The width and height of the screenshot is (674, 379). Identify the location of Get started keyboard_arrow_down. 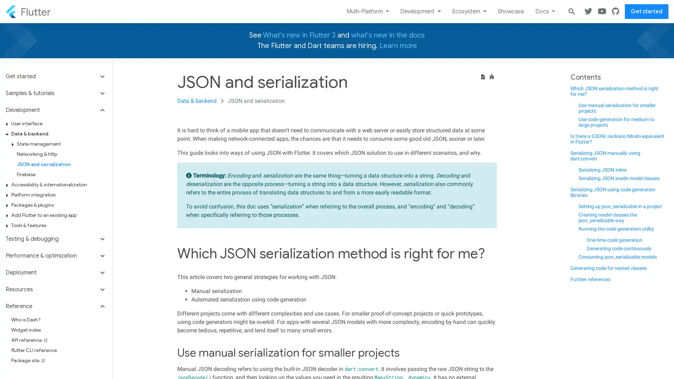
(55, 78).